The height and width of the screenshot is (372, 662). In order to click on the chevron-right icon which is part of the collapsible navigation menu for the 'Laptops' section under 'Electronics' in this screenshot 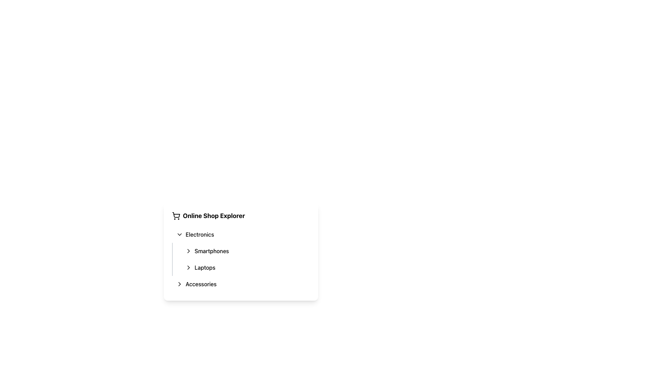, I will do `click(188, 267)`.